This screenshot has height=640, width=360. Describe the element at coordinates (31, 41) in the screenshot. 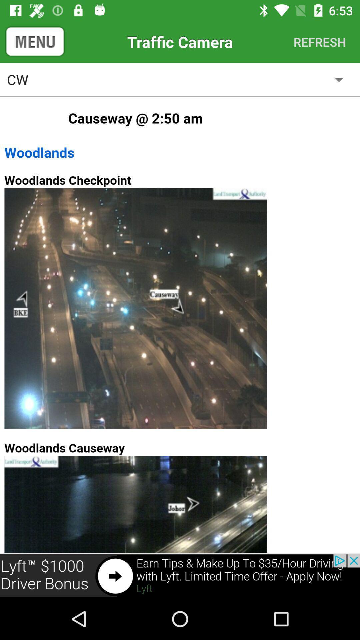

I see `the menu icon` at that location.